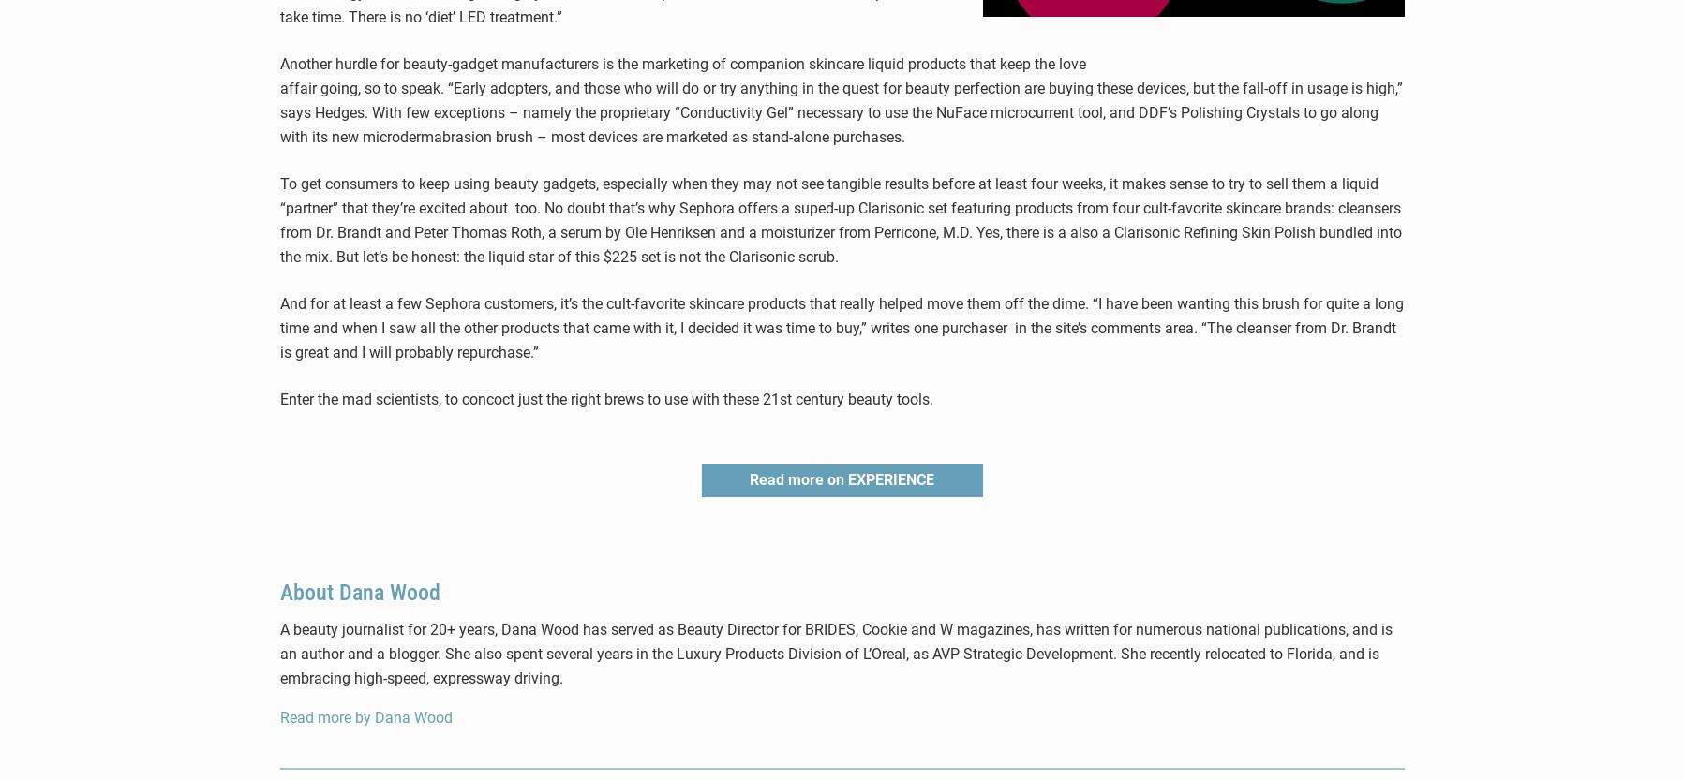 This screenshot has height=780, width=1684. What do you see at coordinates (308, 592) in the screenshot?
I see `'About'` at bounding box center [308, 592].